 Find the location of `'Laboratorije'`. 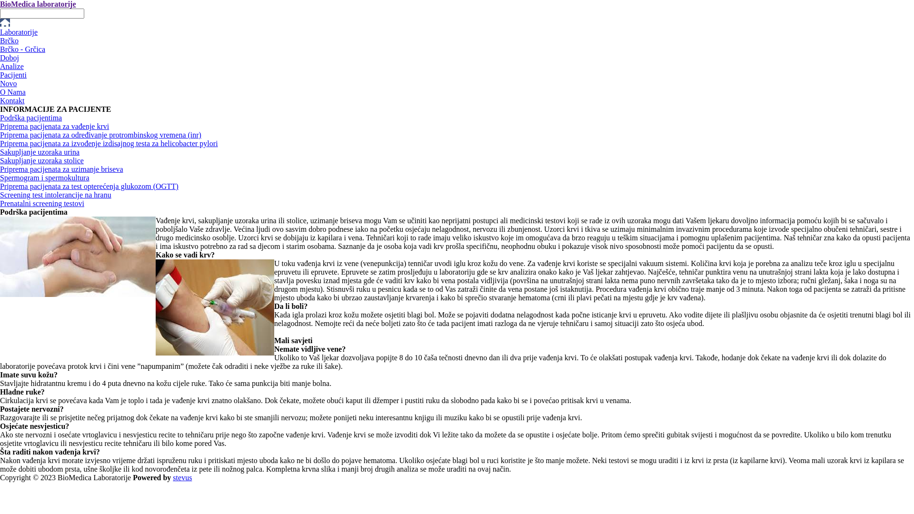

'Laboratorije' is located at coordinates (19, 31).